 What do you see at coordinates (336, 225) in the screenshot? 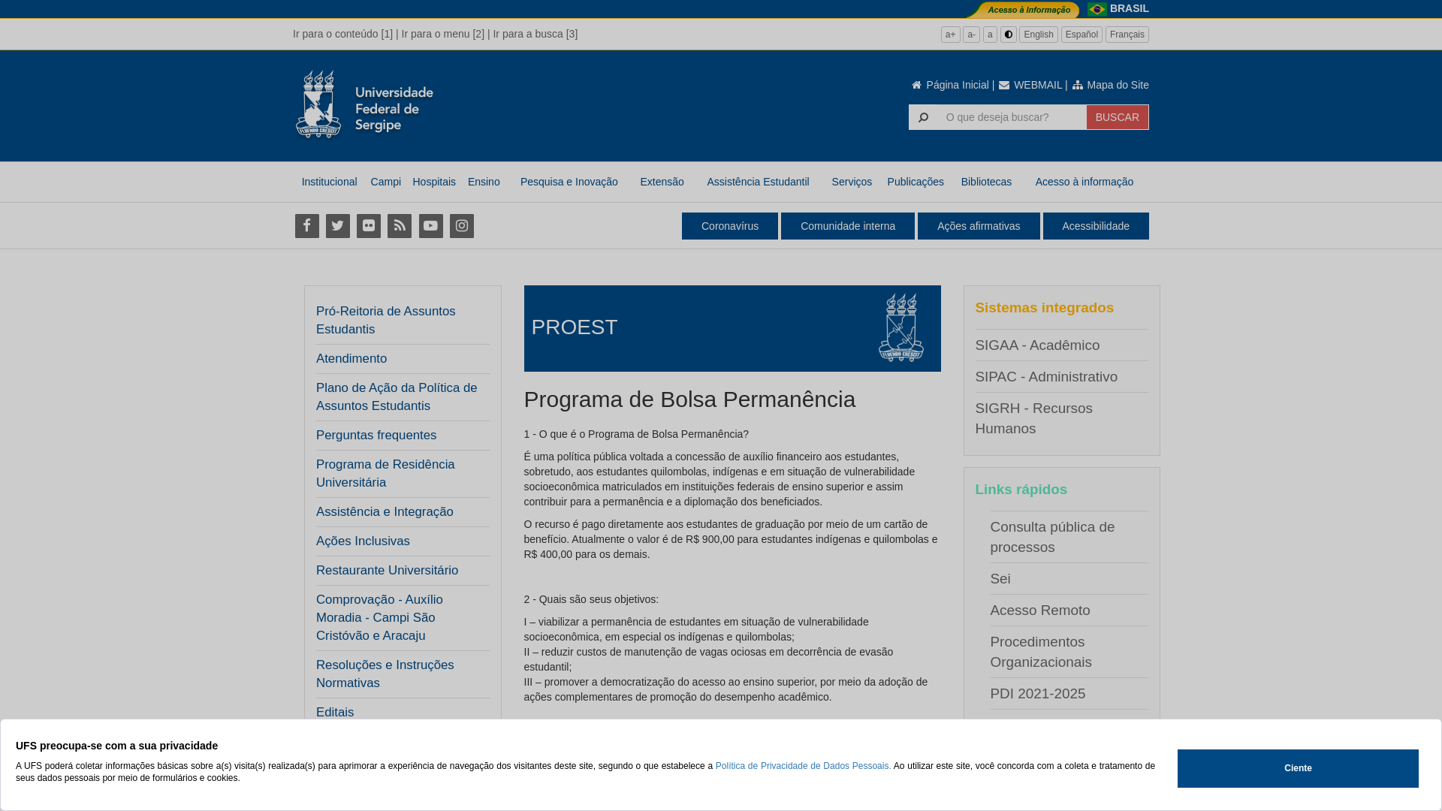
I see `'Twitter'` at bounding box center [336, 225].